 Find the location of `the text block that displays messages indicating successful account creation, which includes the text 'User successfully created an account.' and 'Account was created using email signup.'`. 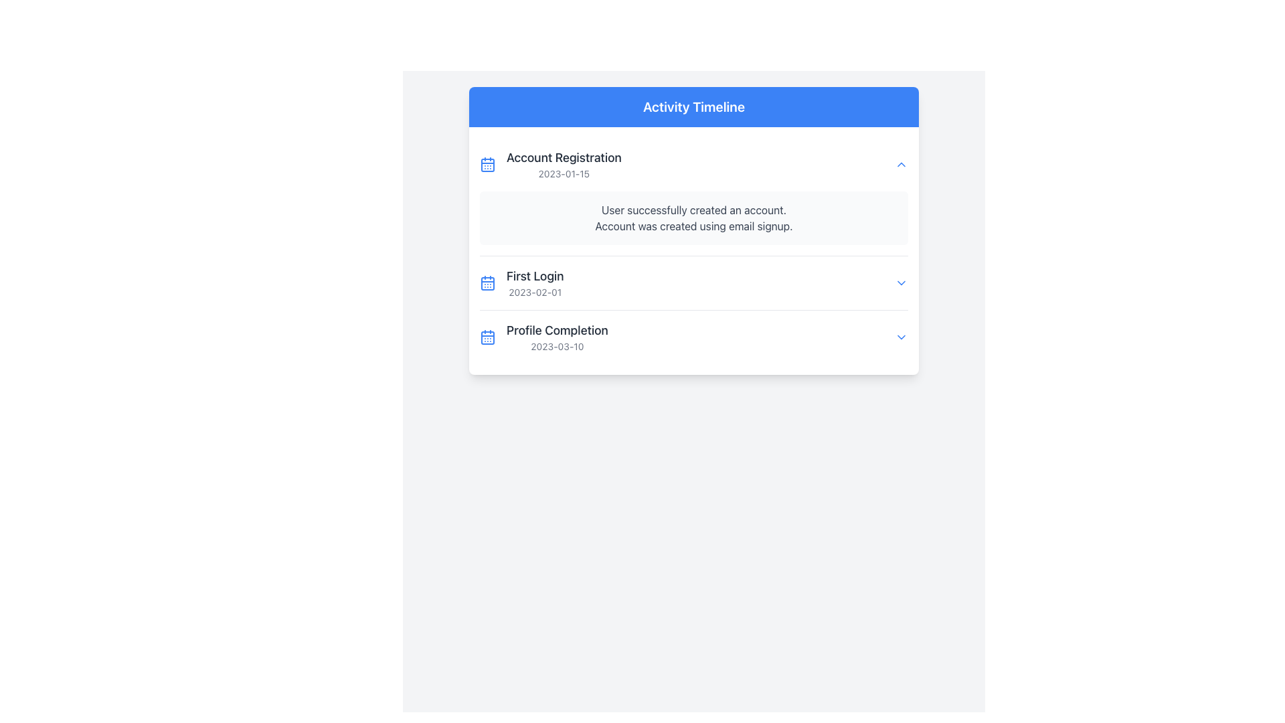

the text block that displays messages indicating successful account creation, which includes the text 'User successfully created an account.' and 'Account was created using email signup.' is located at coordinates (693, 218).